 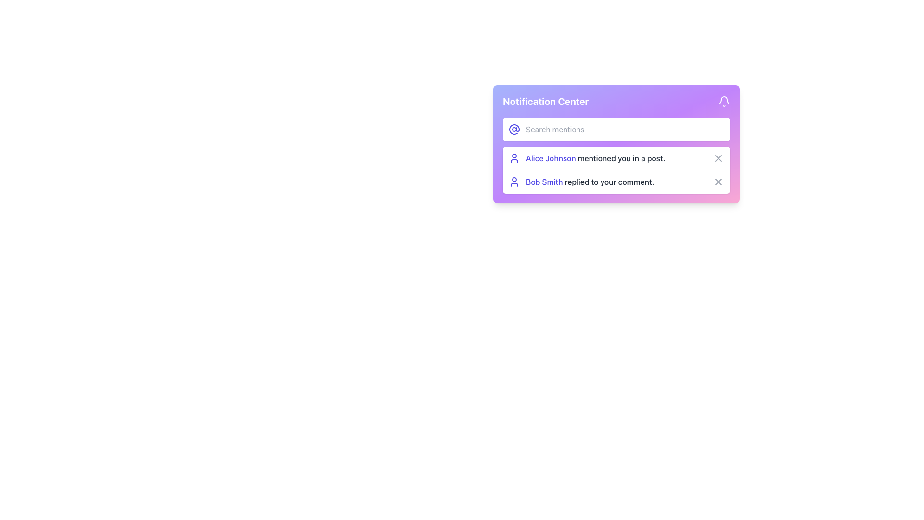 I want to click on the Close (X) Icon located at the far right of the second notification item in the Notification Center interface, so click(x=718, y=182).